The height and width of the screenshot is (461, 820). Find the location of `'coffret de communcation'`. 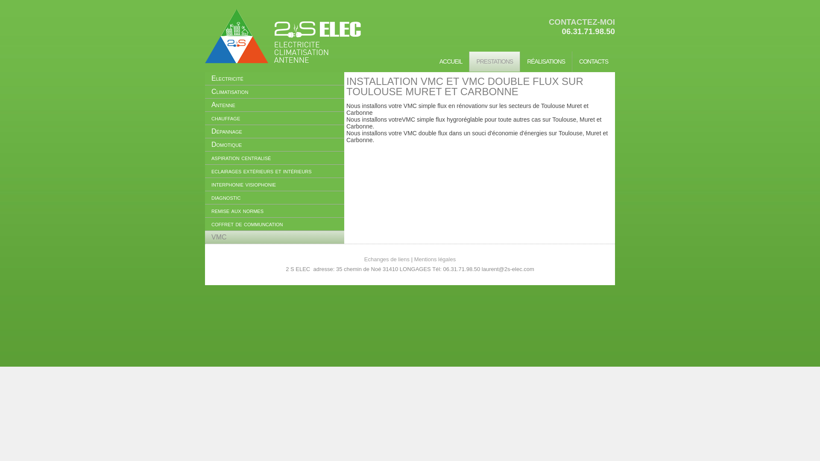

'coffret de communcation' is located at coordinates (275, 223).